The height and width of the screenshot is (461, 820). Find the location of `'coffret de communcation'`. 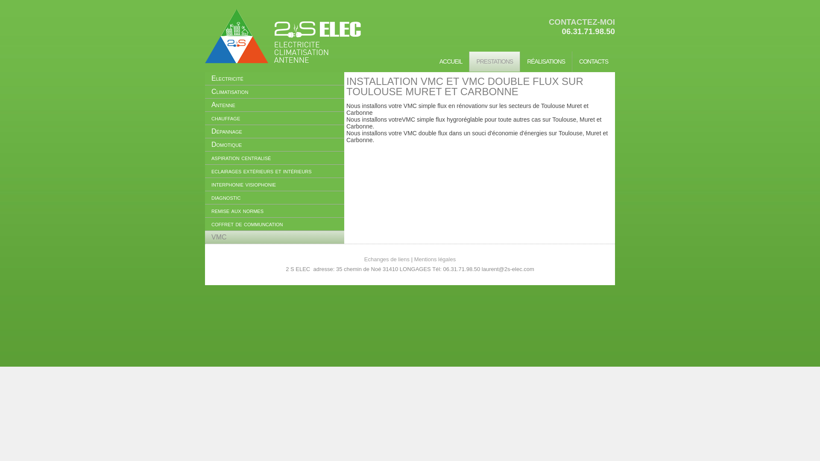

'coffret de communcation' is located at coordinates (275, 223).